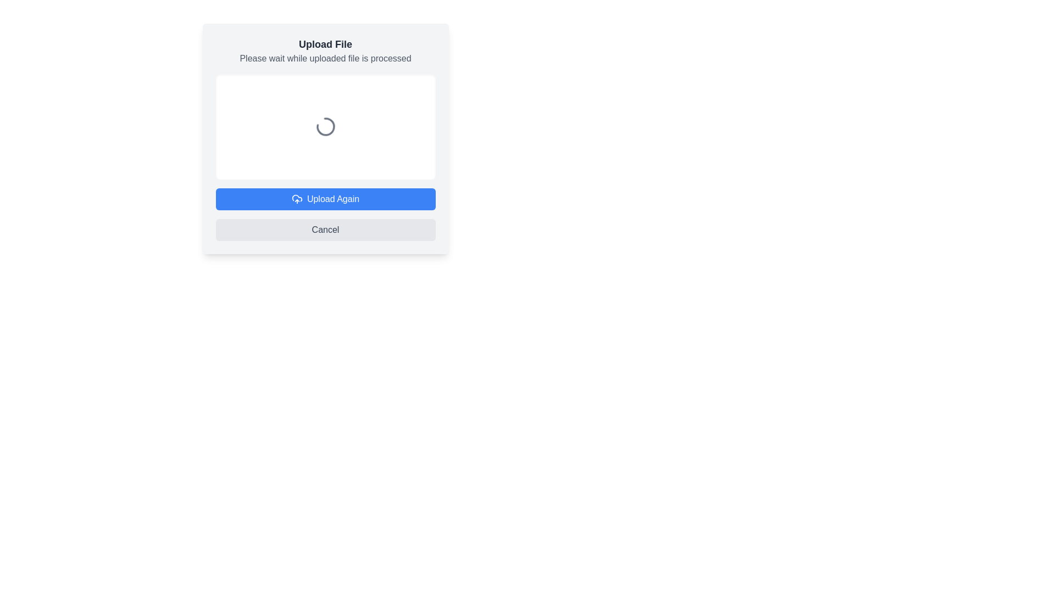 This screenshot has width=1055, height=593. What do you see at coordinates (325, 59) in the screenshot?
I see `the static text label that reads 'Please wait while uploaded file is processed', which is located directly below the title 'Upload File' in the centered modal` at bounding box center [325, 59].